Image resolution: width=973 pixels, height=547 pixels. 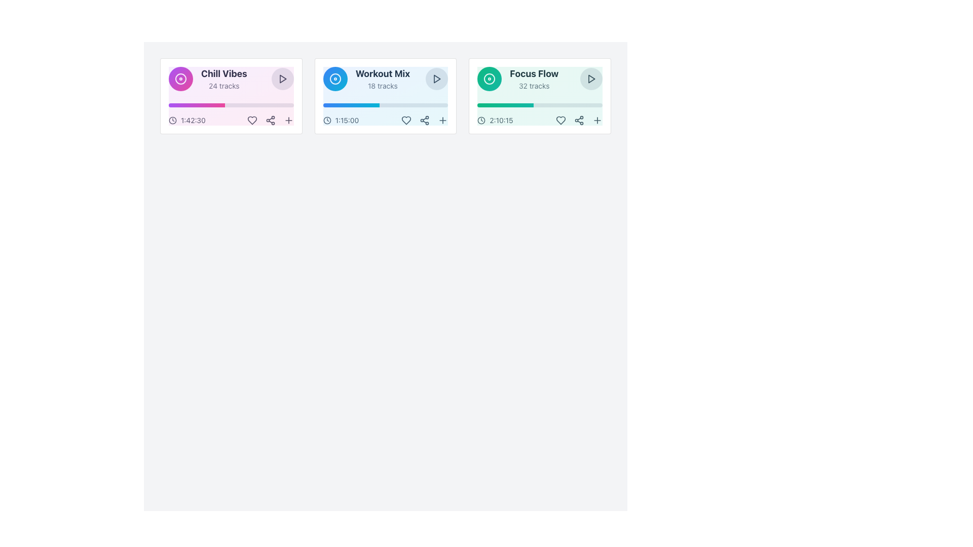 What do you see at coordinates (327, 120) in the screenshot?
I see `the circular figure in the clock icon located in the second card titled 'Workout Mix' at the bottom-left corner` at bounding box center [327, 120].